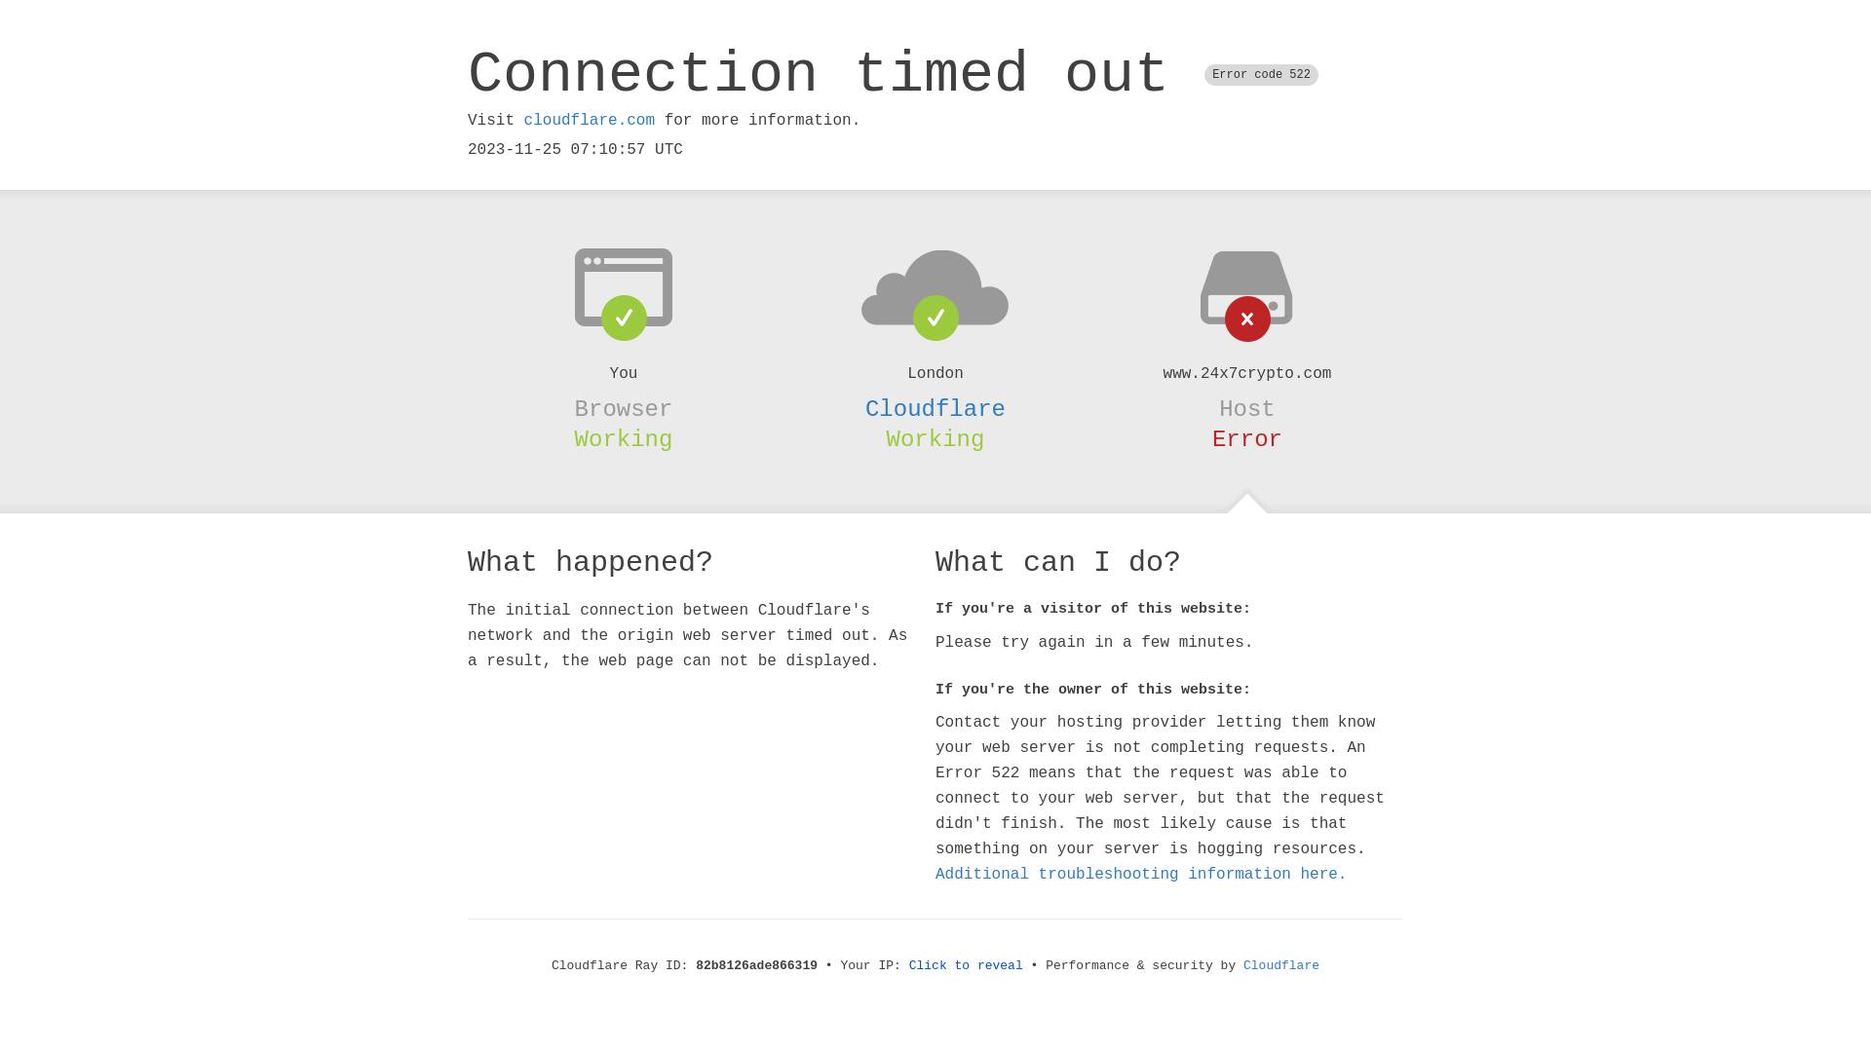 This screenshot has height=1052, width=1871. Describe the element at coordinates (935, 408) in the screenshot. I see `'Cloudflare'` at that location.